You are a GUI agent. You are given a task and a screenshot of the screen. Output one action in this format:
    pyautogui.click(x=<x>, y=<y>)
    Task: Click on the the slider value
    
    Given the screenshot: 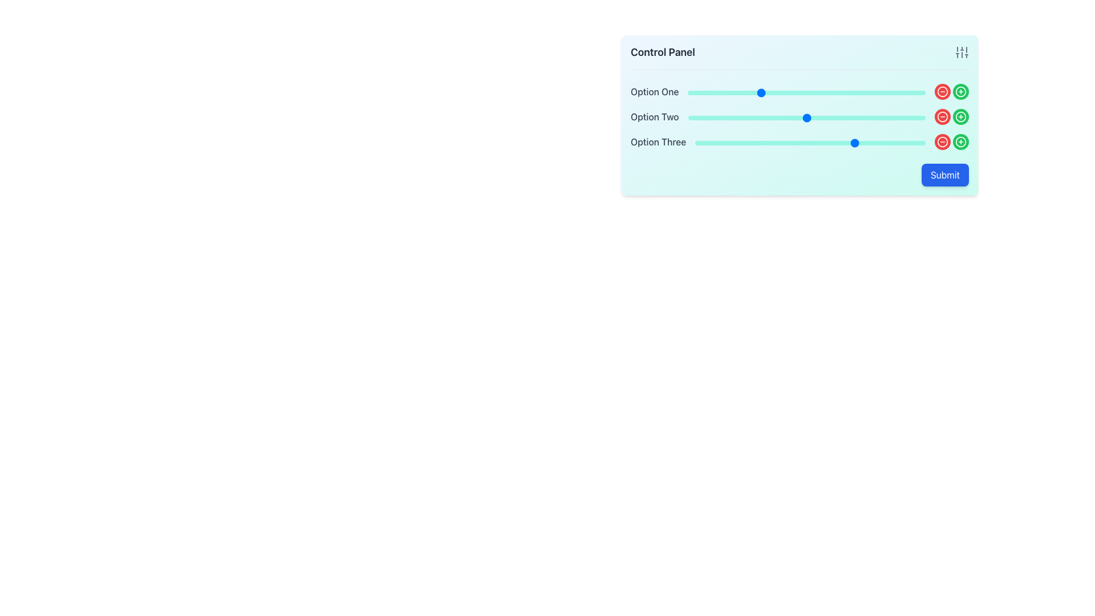 What is the action you would take?
    pyautogui.click(x=727, y=142)
    